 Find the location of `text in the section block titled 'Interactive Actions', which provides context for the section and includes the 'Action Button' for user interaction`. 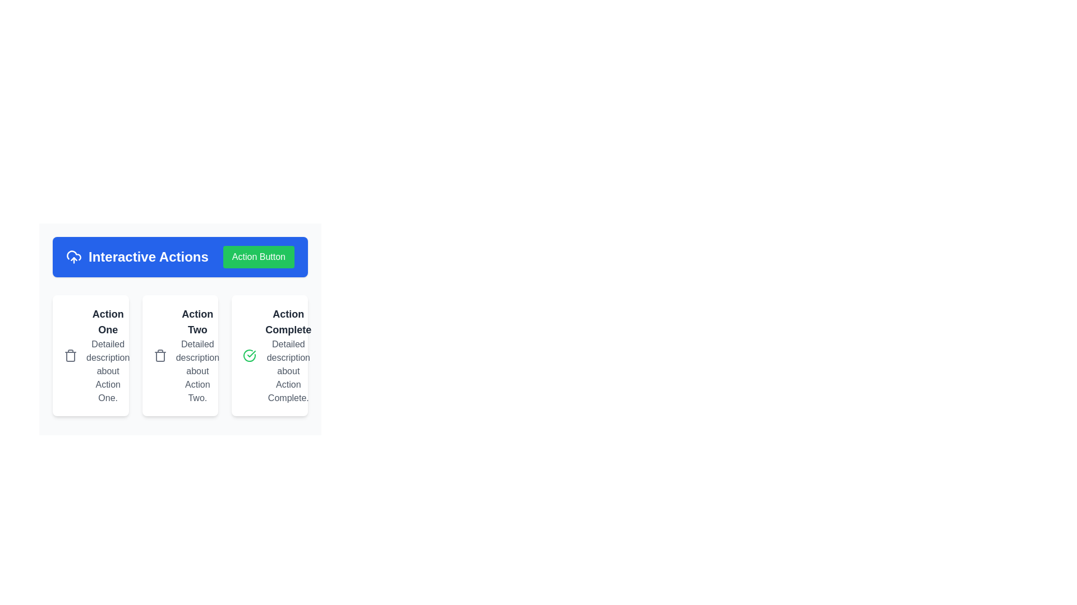

text in the section block titled 'Interactive Actions', which provides context for the section and includes the 'Action Button' for user interaction is located at coordinates (180, 257).